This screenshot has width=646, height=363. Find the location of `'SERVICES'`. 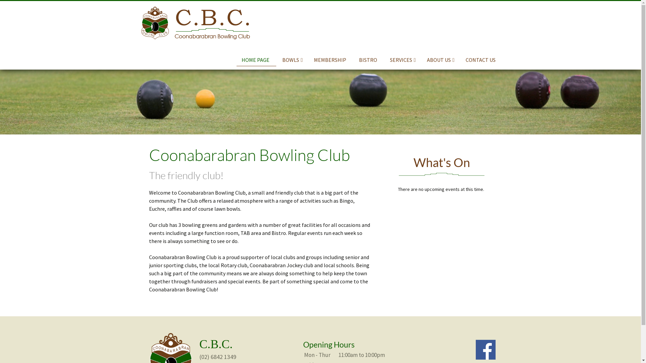

'SERVICES' is located at coordinates (403, 59).